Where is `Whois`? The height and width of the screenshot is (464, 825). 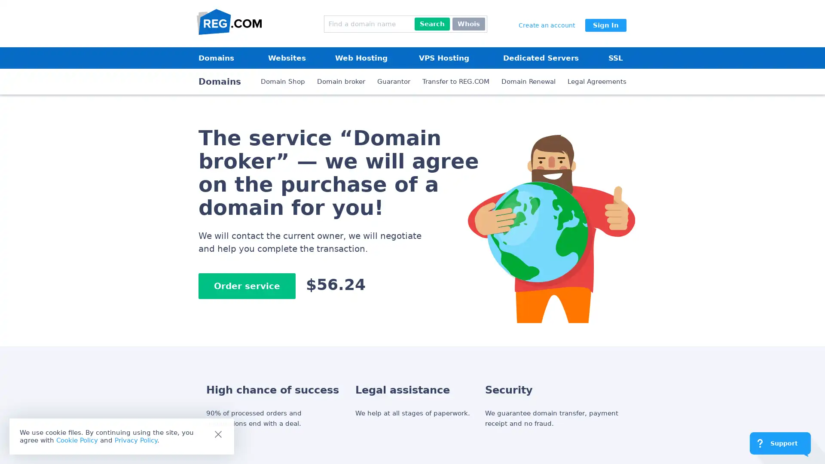
Whois is located at coordinates (468, 24).